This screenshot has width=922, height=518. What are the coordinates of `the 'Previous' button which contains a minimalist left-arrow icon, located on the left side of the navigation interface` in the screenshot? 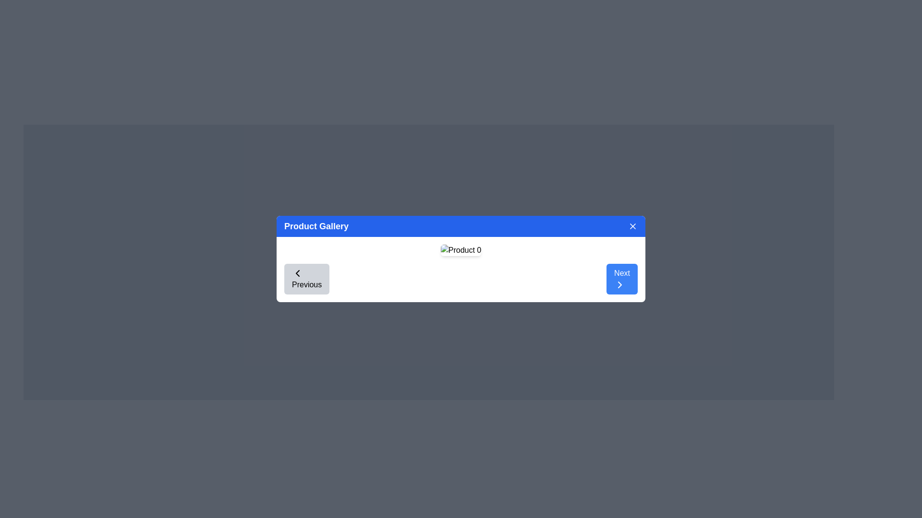 It's located at (297, 273).